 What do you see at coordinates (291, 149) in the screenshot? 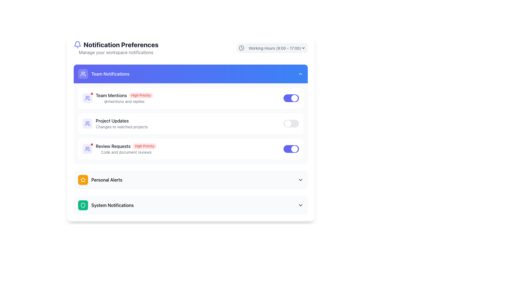
I see `the third toggle switch in the 'Team Notifications' group within the 'Review Requests' section` at bounding box center [291, 149].